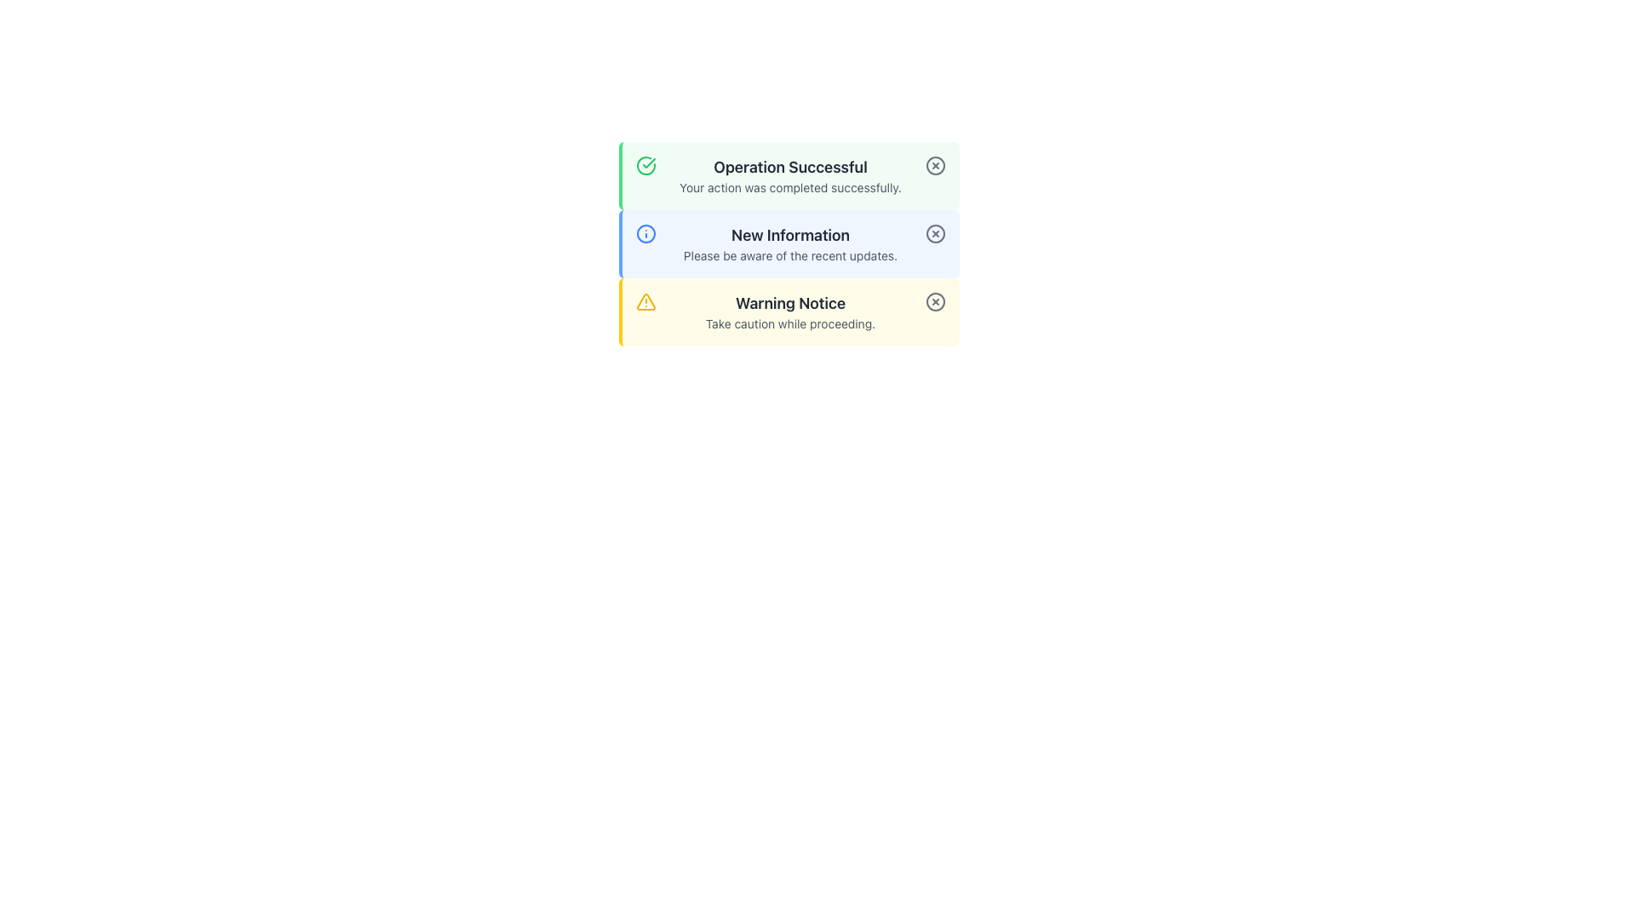 The height and width of the screenshot is (919, 1635). What do you see at coordinates (934, 233) in the screenshot?
I see `the close button (small circular icon with a gray border and an embedded cross symbol) at the right end of the 'New Information' notification card` at bounding box center [934, 233].